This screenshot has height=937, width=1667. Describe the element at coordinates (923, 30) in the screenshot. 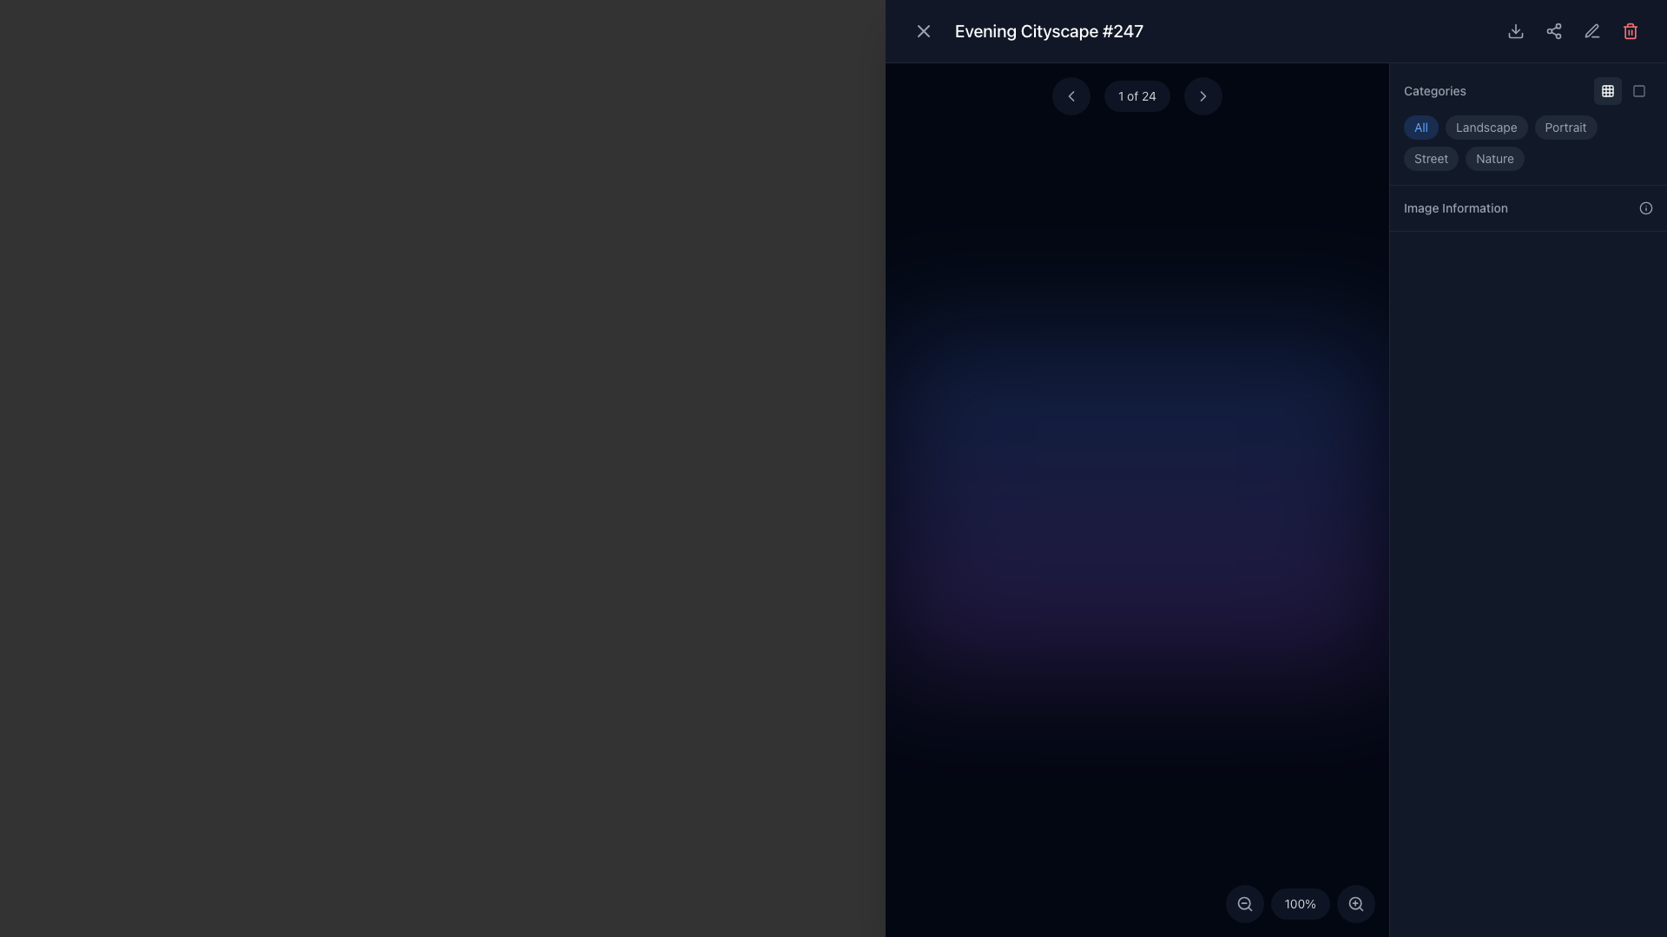

I see `the circular button with a cross ('X') icon located at the top left of the interface` at that location.